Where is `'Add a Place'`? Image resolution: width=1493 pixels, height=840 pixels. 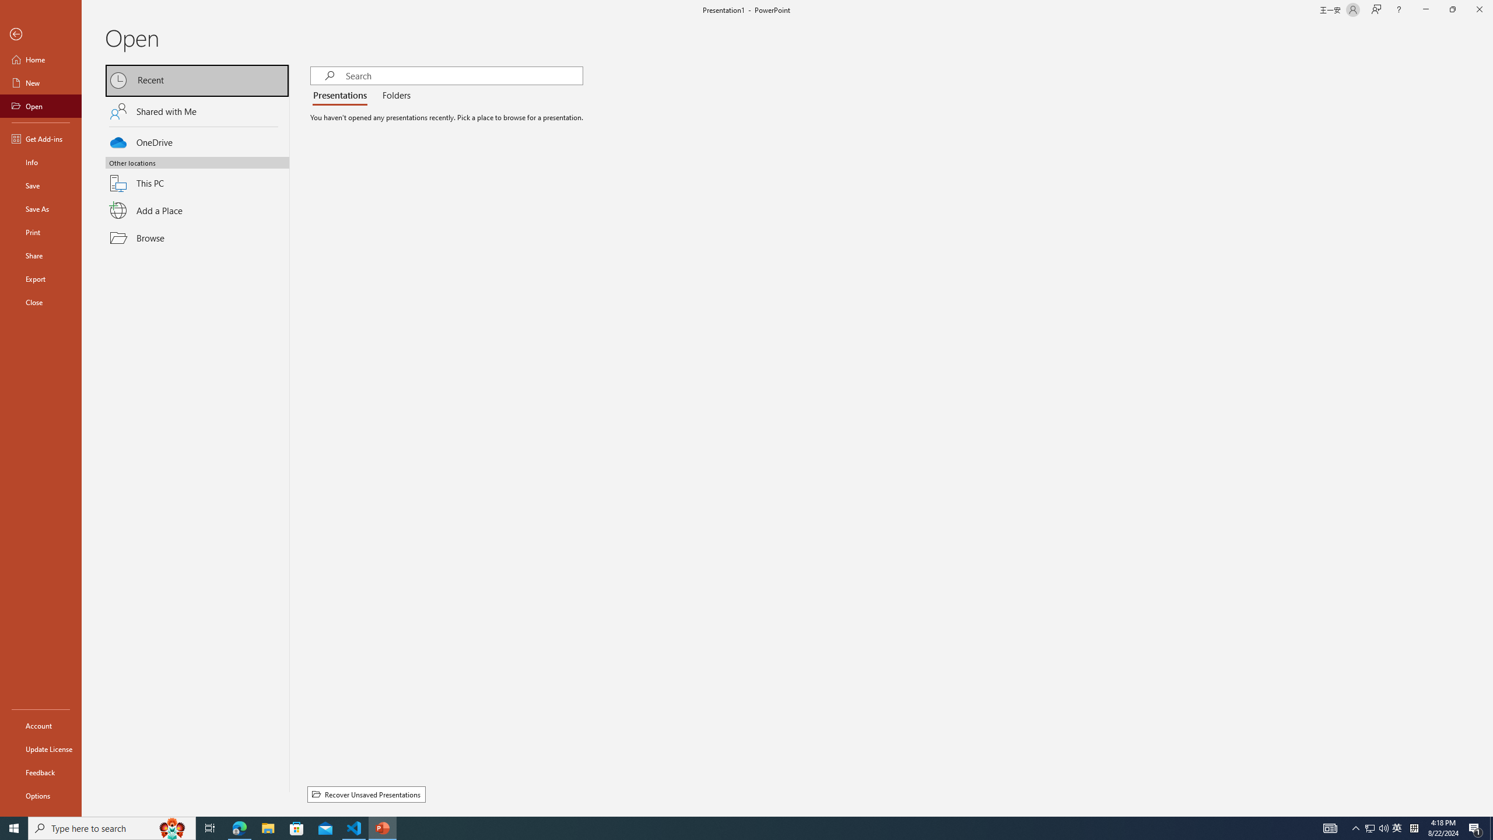 'Add a Place' is located at coordinates (197, 210).